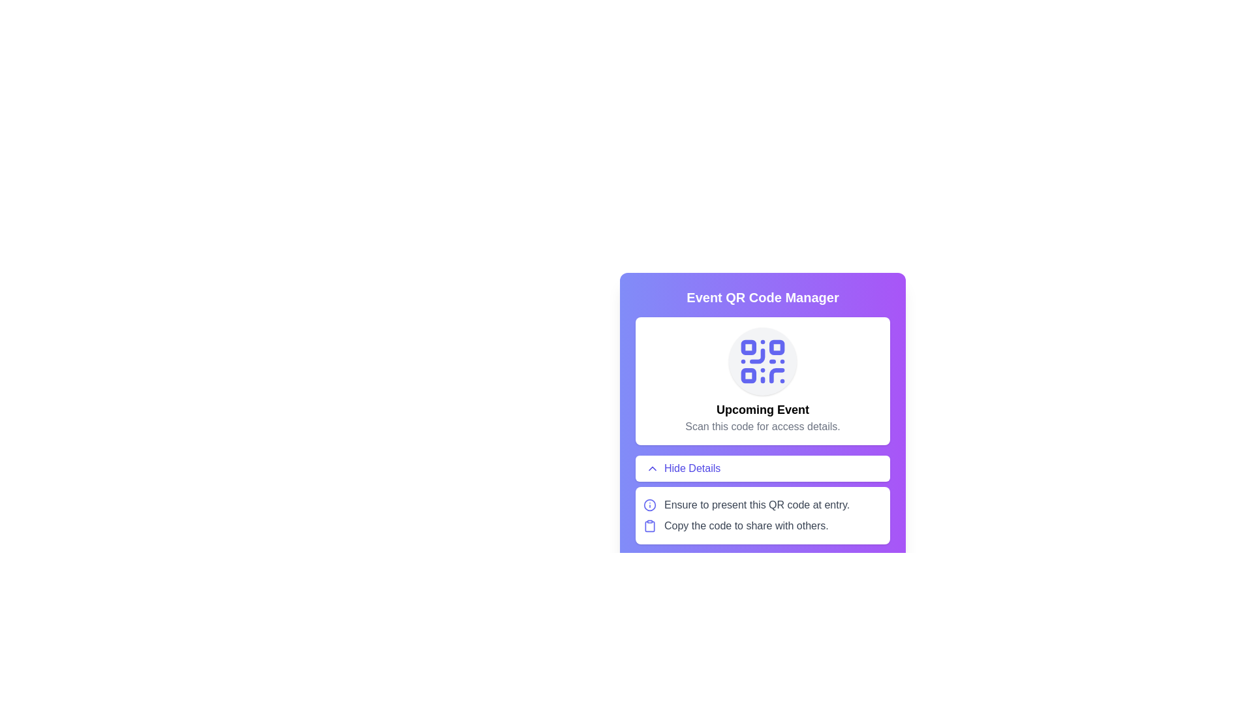 Image resolution: width=1253 pixels, height=705 pixels. What do you see at coordinates (746, 525) in the screenshot?
I see `static text element that states 'Copy the code to share with others.' located beneath the blue panel labeled 'Ensure to present this QR code at entry.'` at bounding box center [746, 525].